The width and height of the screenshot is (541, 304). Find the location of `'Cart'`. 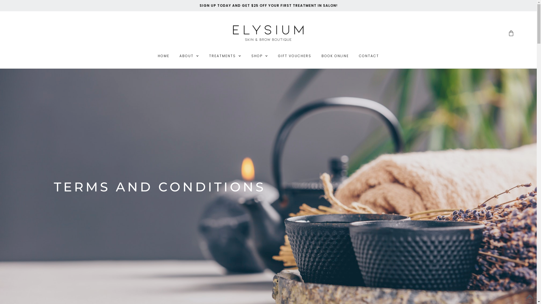

'Cart' is located at coordinates (496, 33).